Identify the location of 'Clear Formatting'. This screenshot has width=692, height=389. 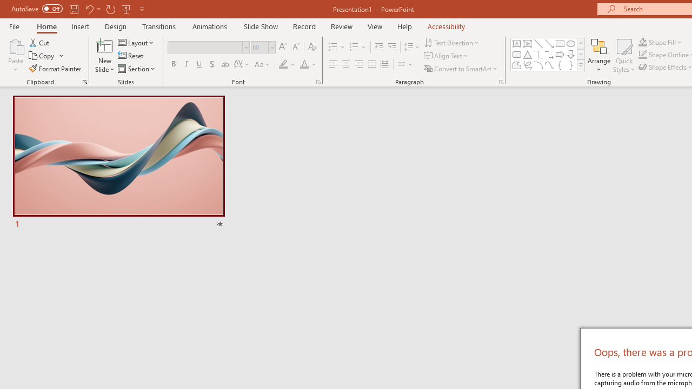
(311, 46).